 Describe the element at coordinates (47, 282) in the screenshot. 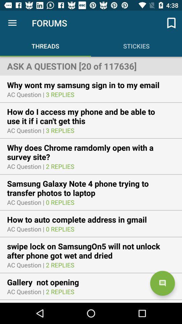

I see `icon below the ac question |` at that location.